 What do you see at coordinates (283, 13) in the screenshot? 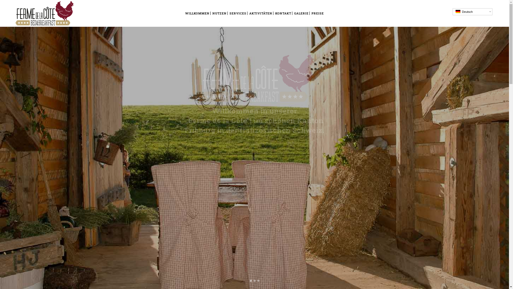
I see `'KONTAKT'` at bounding box center [283, 13].